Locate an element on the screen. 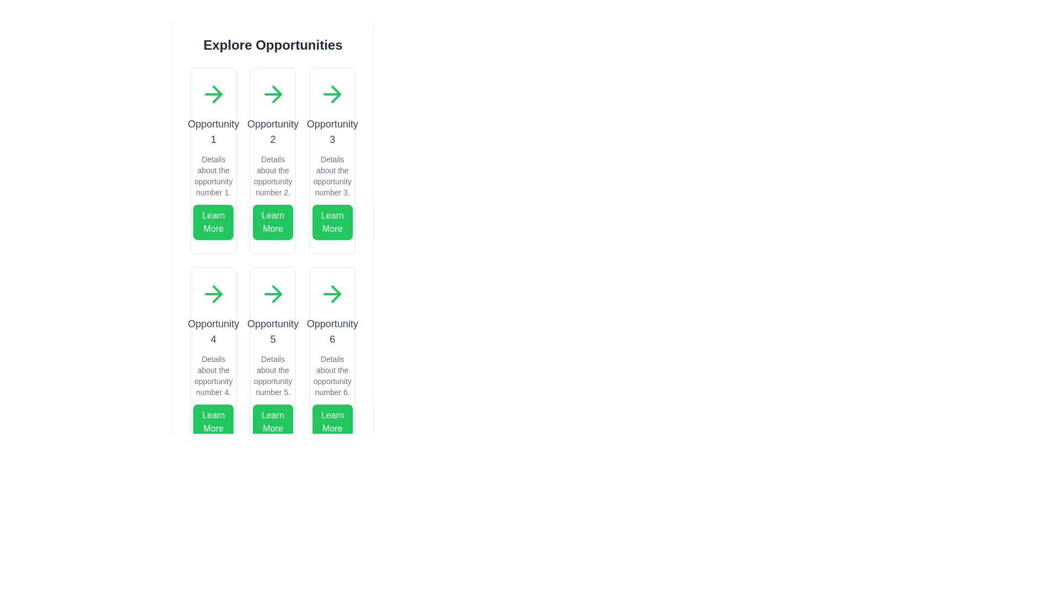 The height and width of the screenshot is (596, 1060). the first card in the grid layout that contains the title 'Opportunity 1', a description, and a green button labeled 'Learn More' is located at coordinates (213, 160).